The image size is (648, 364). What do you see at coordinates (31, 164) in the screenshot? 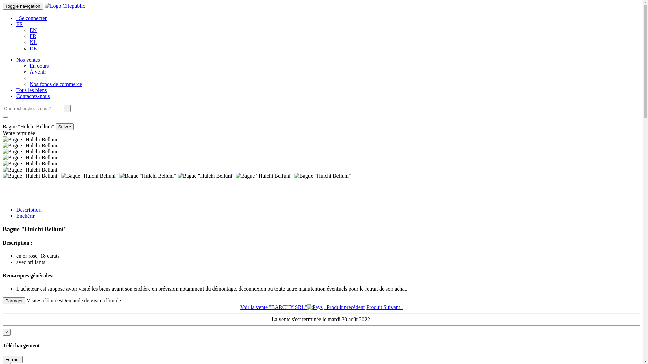
I see `'Bague "Hulchi Belluni"'` at bounding box center [31, 164].